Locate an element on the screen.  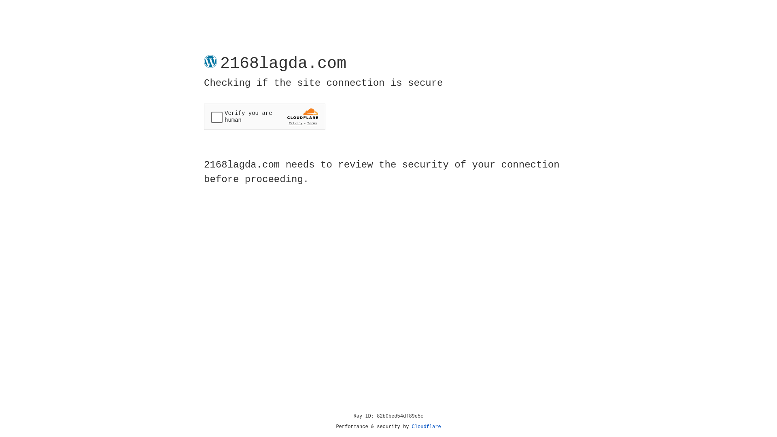
'Widget containing a Cloudflare security challenge' is located at coordinates (264, 117).